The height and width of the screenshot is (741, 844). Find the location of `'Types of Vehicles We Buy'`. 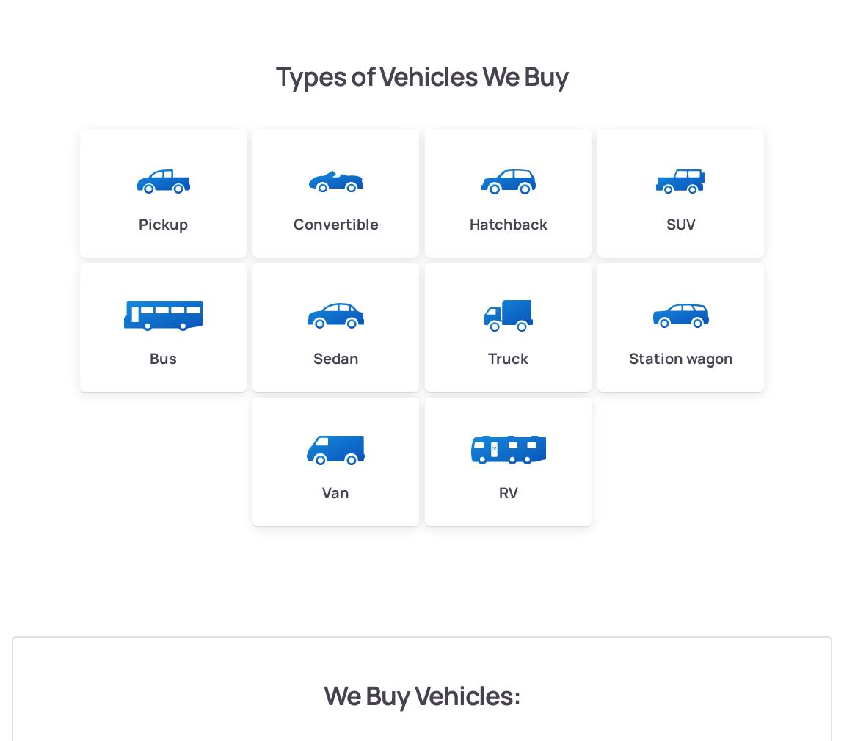

'Types of Vehicles We Buy' is located at coordinates (421, 75).